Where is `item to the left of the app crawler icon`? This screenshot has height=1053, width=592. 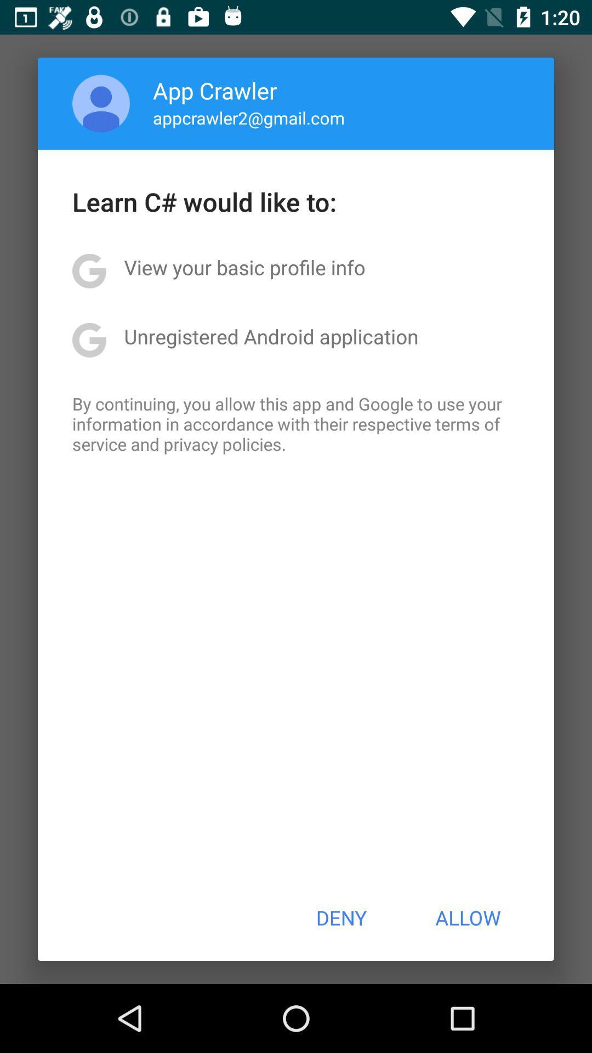
item to the left of the app crawler icon is located at coordinates (101, 103).